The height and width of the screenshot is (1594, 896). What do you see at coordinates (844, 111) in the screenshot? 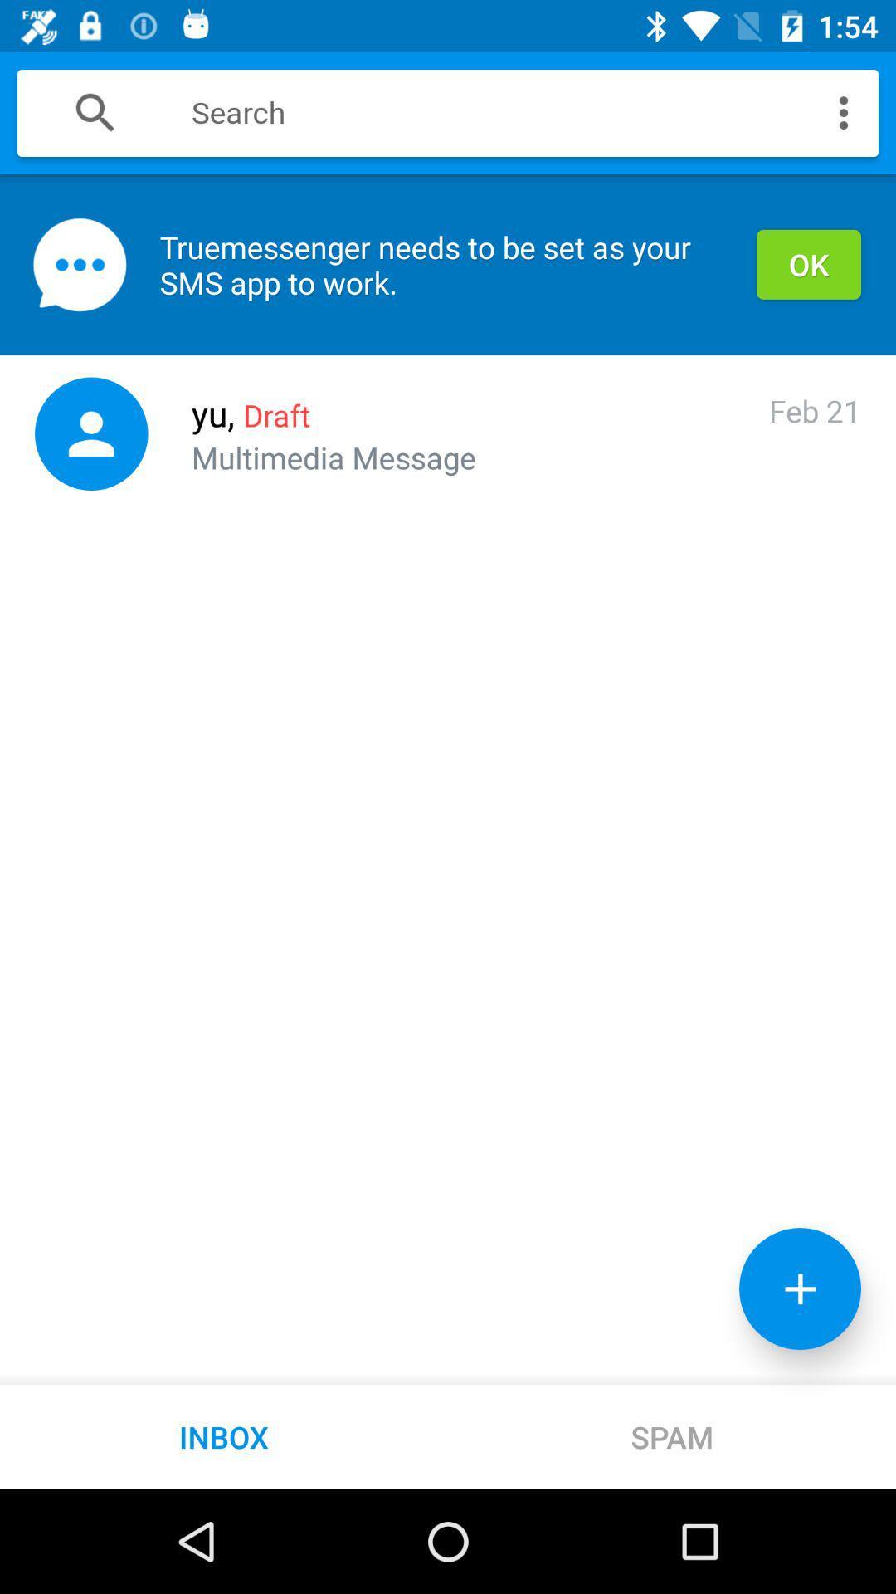
I see `more options or menu logo` at bounding box center [844, 111].